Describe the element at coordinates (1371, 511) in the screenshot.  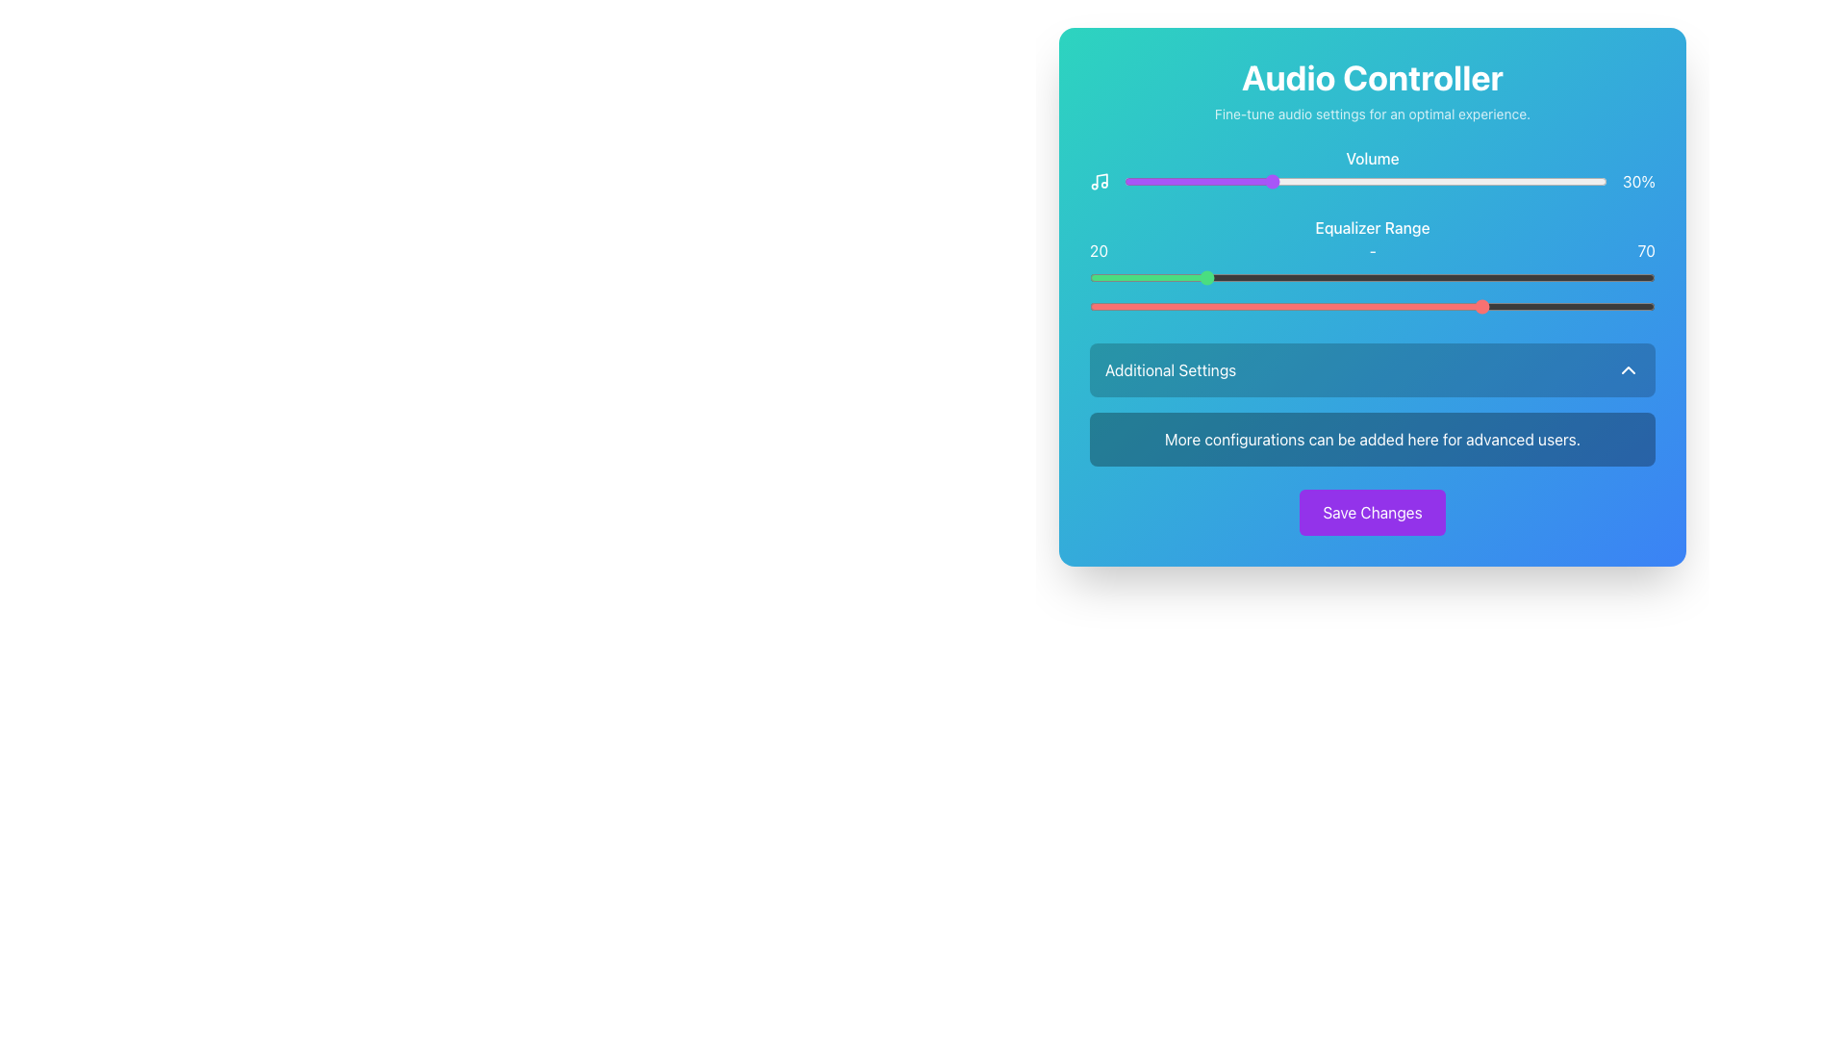
I see `the 'Save Changes' button, which is a bright purple rectangular button with rounded corners located at the bottom of the 'Audio Controller' card` at that location.